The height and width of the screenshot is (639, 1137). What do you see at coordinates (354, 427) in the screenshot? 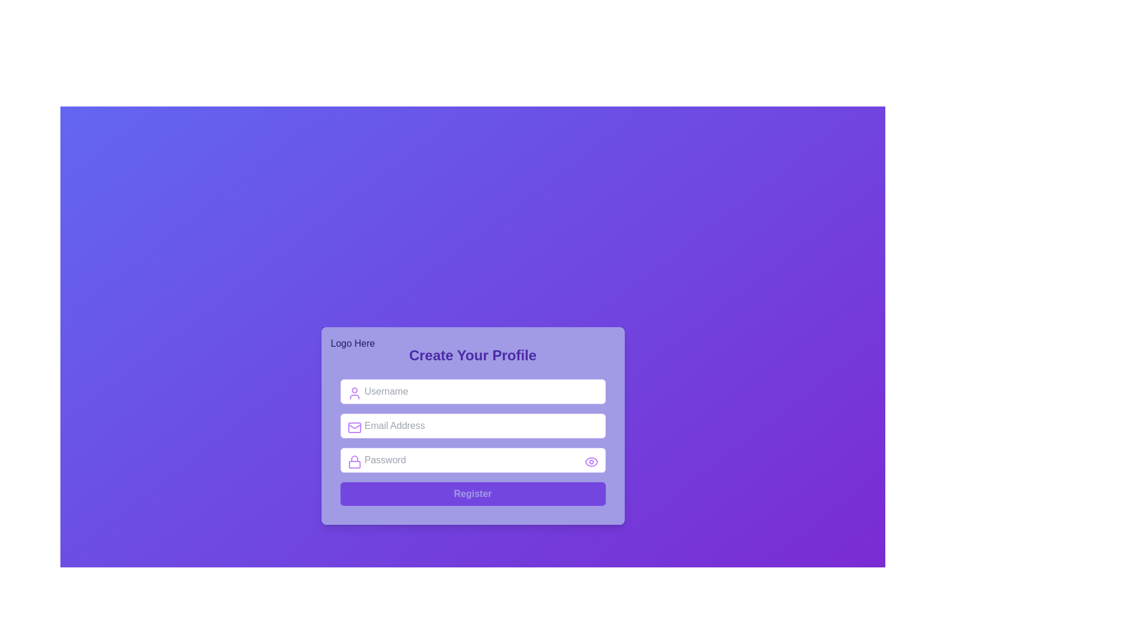
I see `the purple mail icon, which is the leftmost icon in the email address input field labeled 'Email Address'` at bounding box center [354, 427].